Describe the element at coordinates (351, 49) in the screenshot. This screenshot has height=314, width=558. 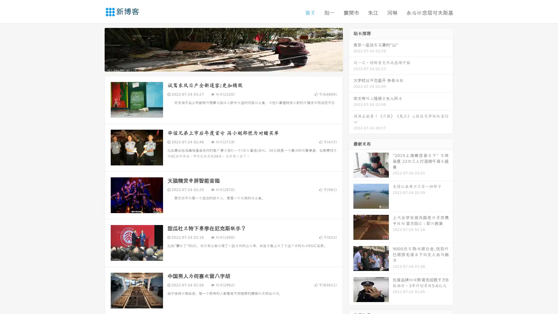
I see `Next slide` at that location.